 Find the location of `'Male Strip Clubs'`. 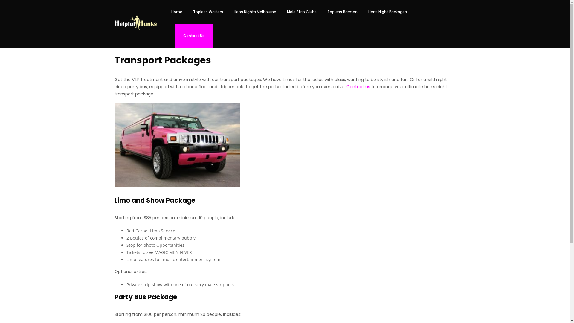

'Male Strip Clubs' is located at coordinates (281, 12).